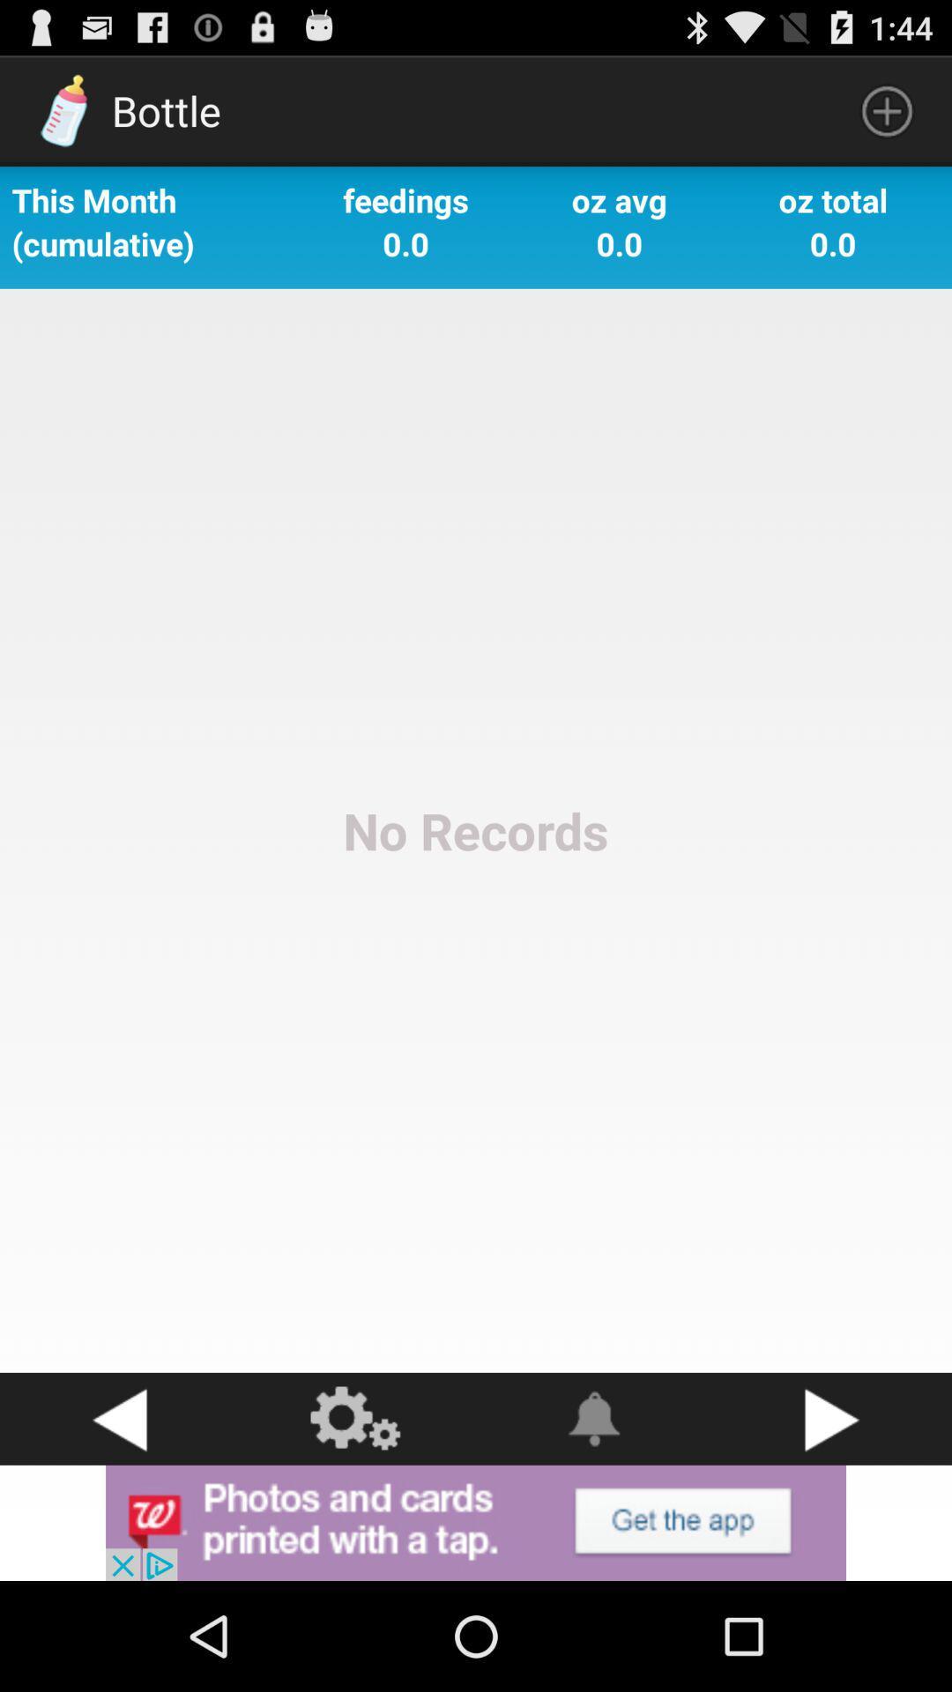 The width and height of the screenshot is (952, 1692). I want to click on open advertisement, so click(476, 1522).